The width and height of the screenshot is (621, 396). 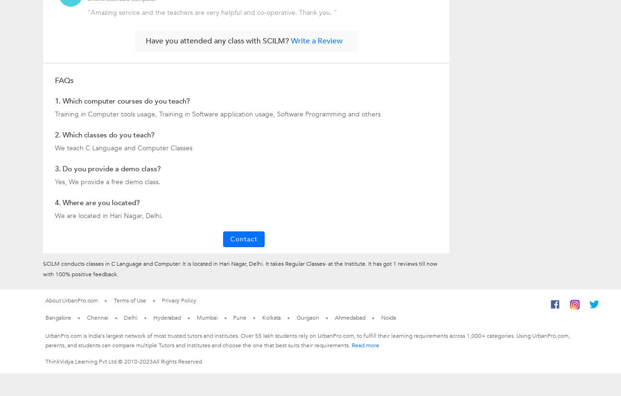 What do you see at coordinates (308, 340) in the screenshot?
I see `'UrbanPro.com is India's largest network of most trusted tutors and institutes. Over 55 lakh students rely on UrbanPro.com, to fulfill their learning requirements across 1,000+ categories. Using UrbanPro.com, parents, and students can compare multiple Tutors and Institutes and choose the one that best suits their requirements.'` at bounding box center [308, 340].